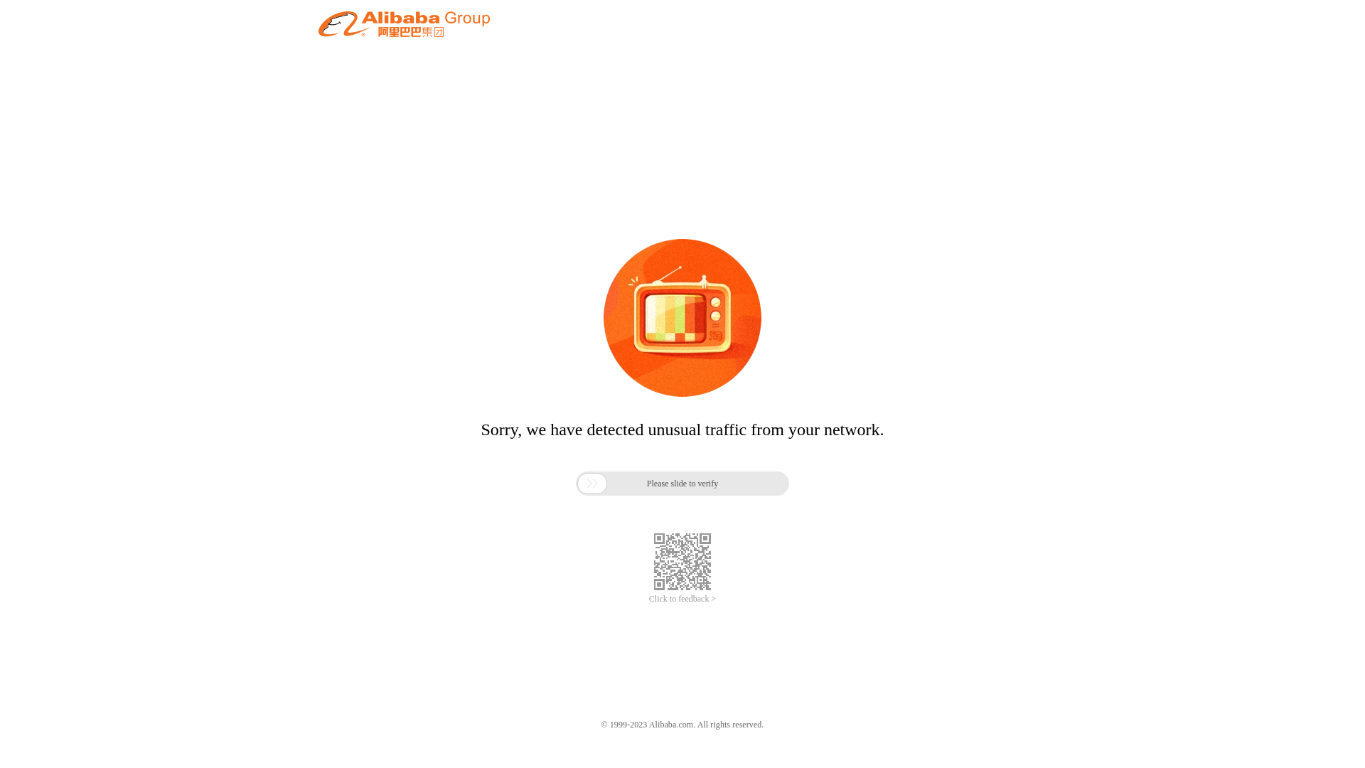 Image resolution: width=1365 pixels, height=768 pixels. Describe the element at coordinates (682, 599) in the screenshot. I see `'Click to feedback >'` at that location.